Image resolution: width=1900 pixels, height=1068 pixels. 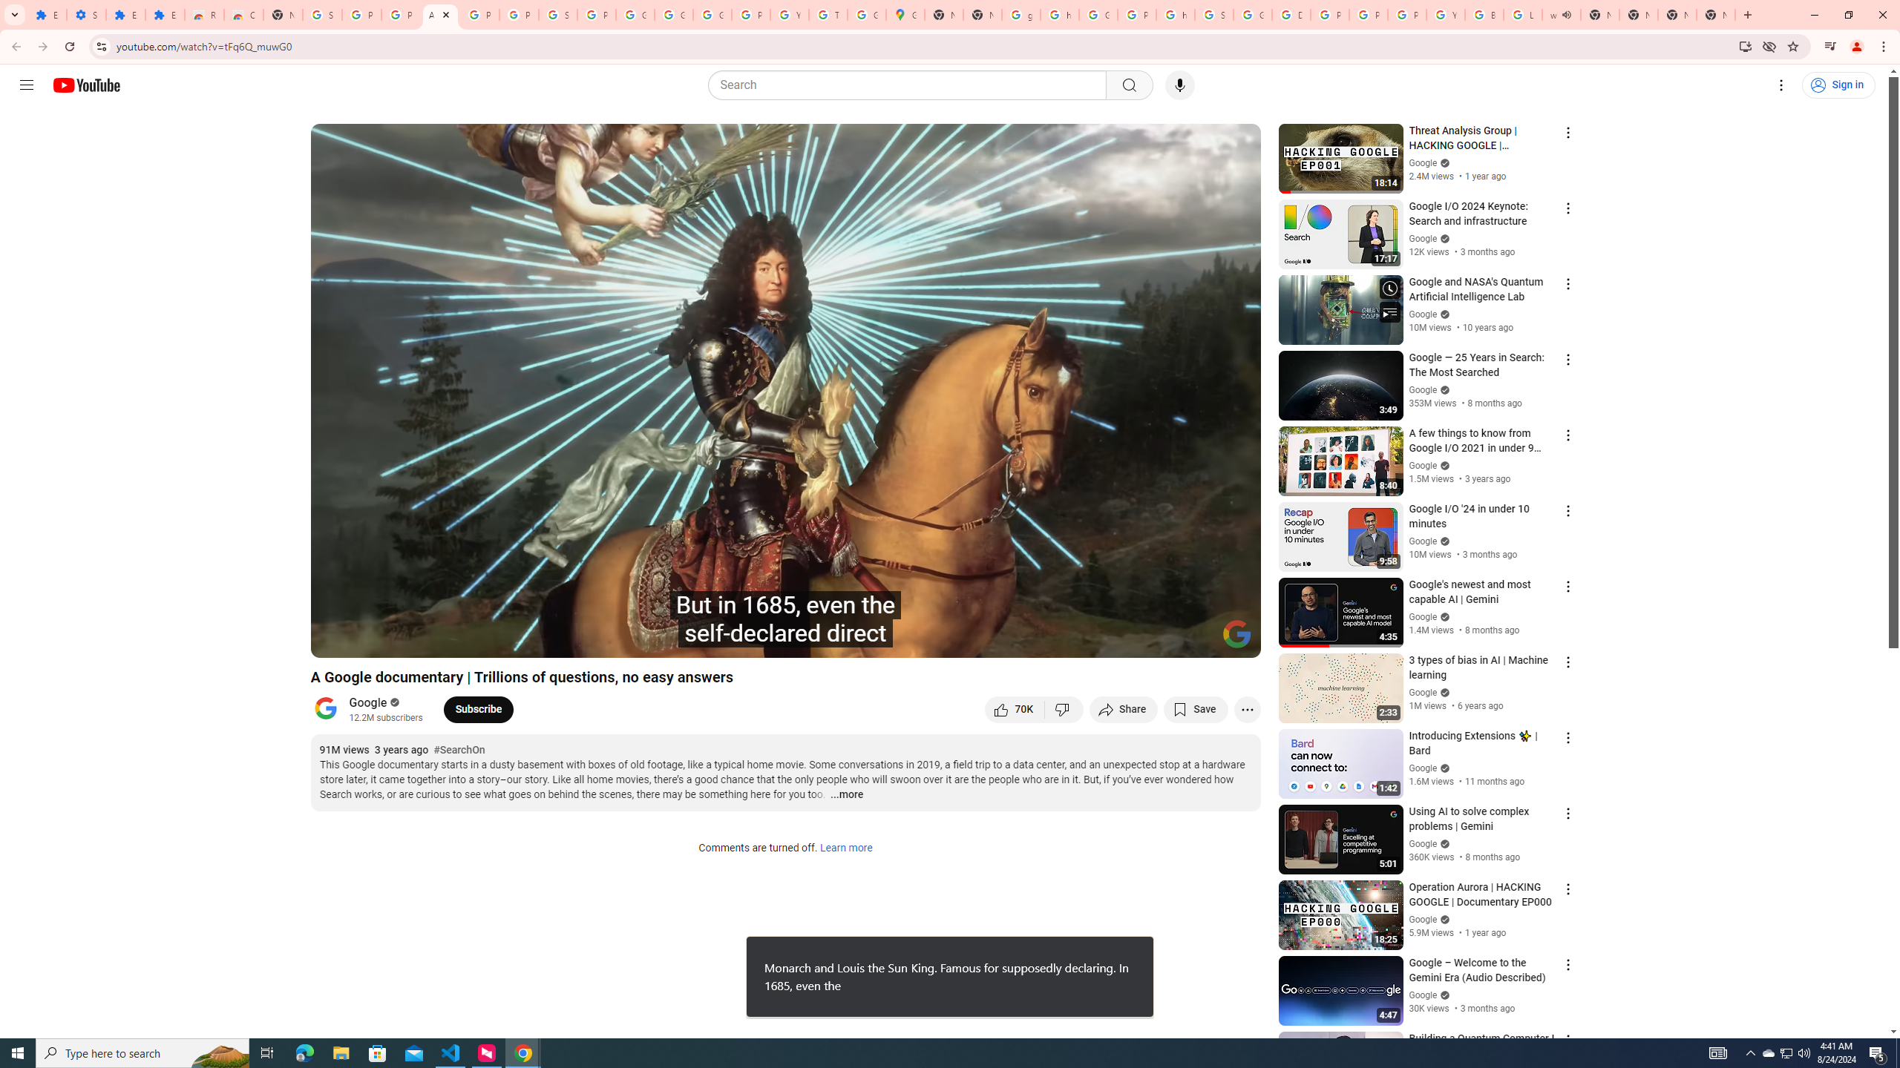 What do you see at coordinates (458, 750) in the screenshot?
I see `'#SearchOn'` at bounding box center [458, 750].